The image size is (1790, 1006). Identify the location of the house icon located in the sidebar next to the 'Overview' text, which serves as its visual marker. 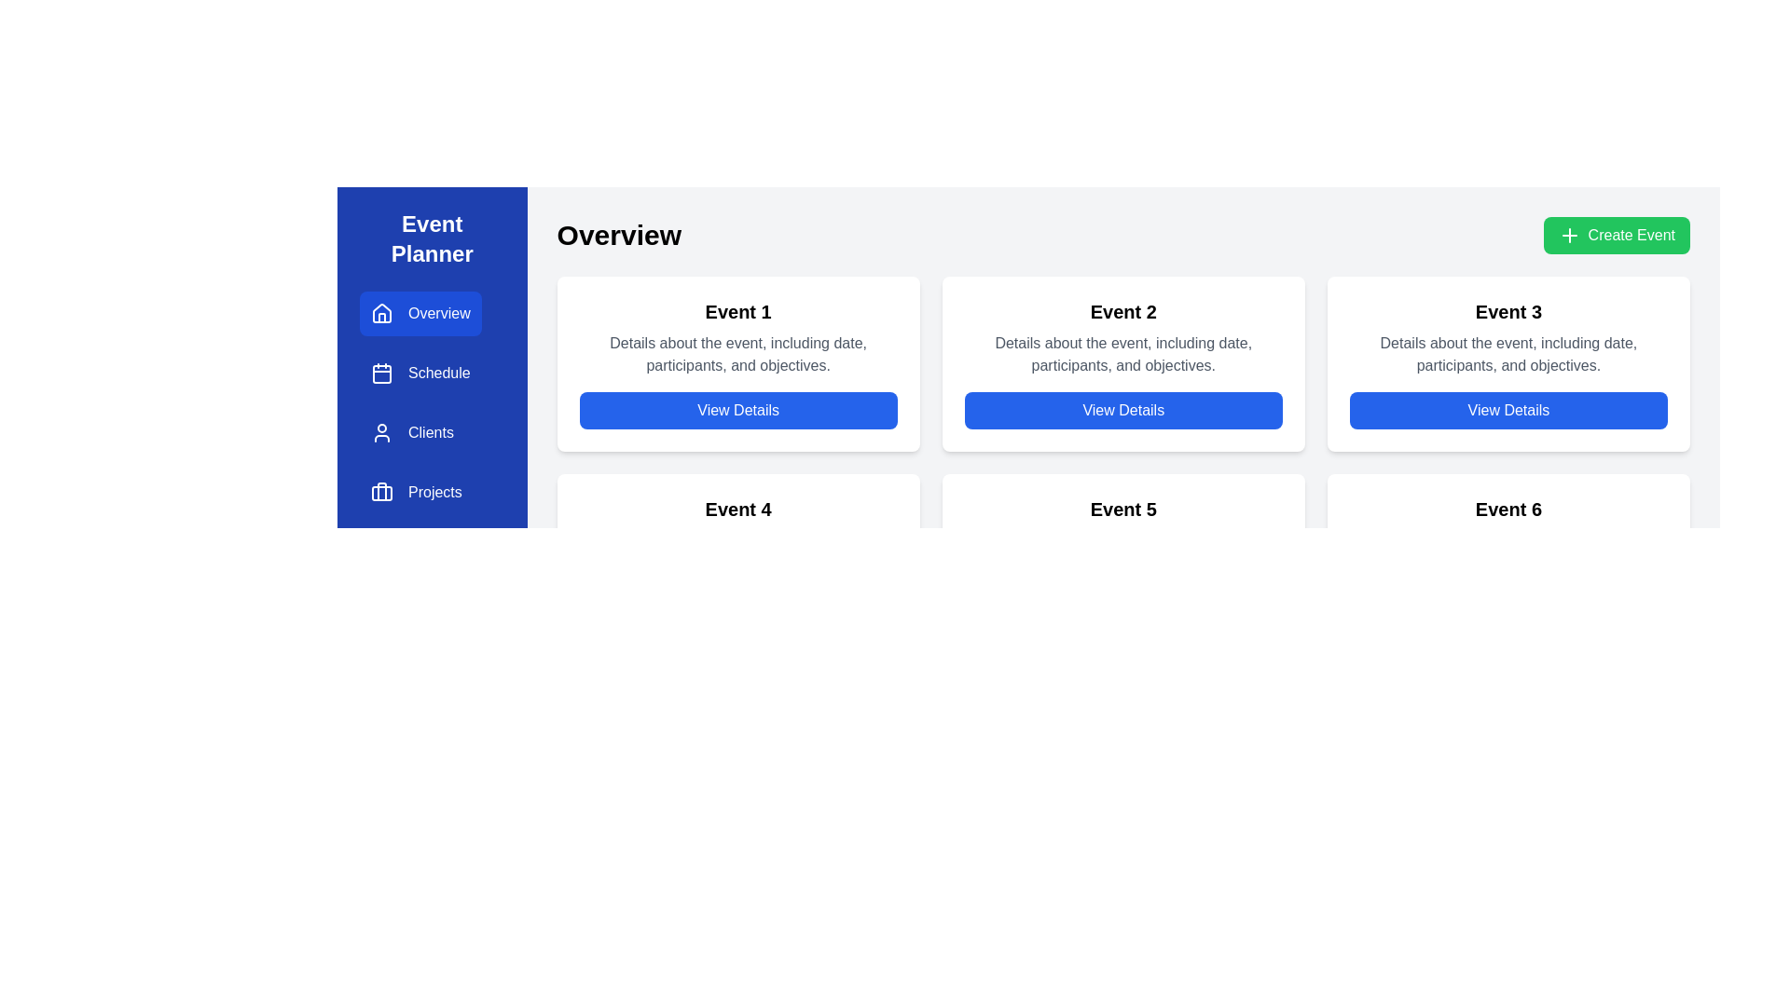
(380, 312).